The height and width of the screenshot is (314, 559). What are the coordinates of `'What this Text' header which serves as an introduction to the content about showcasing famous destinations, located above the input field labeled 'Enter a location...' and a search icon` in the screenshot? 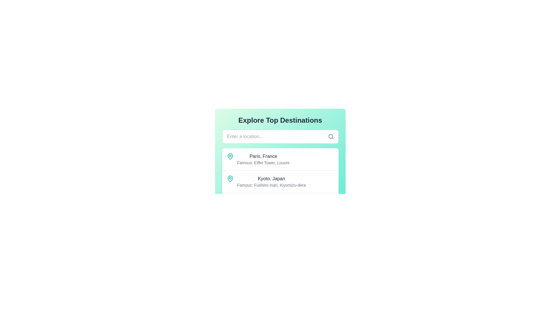 It's located at (280, 120).